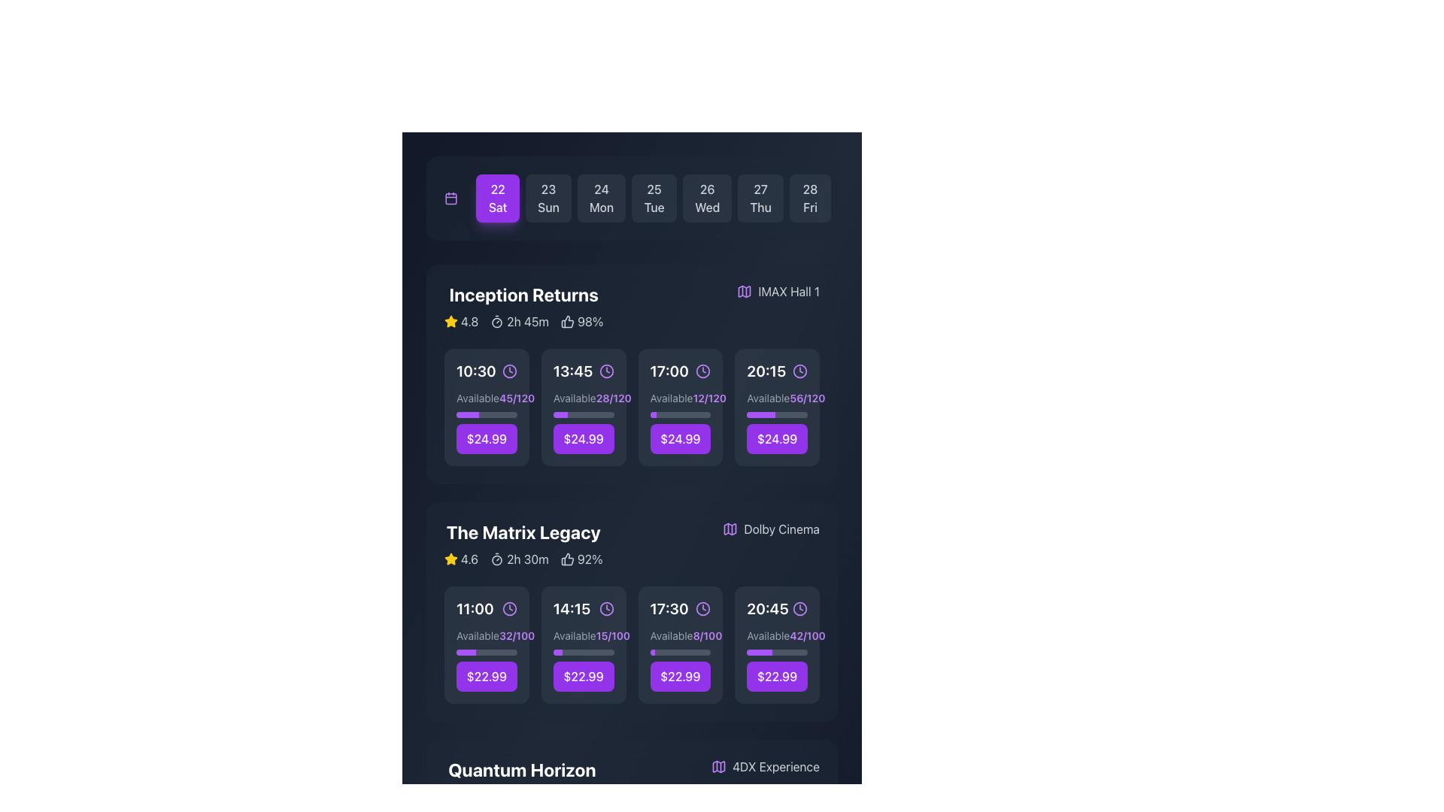 The width and height of the screenshot is (1444, 812). Describe the element at coordinates (777, 408) in the screenshot. I see `the prominent purple button at the bottom of the interactive card displaying the price '$24.99'` at that location.